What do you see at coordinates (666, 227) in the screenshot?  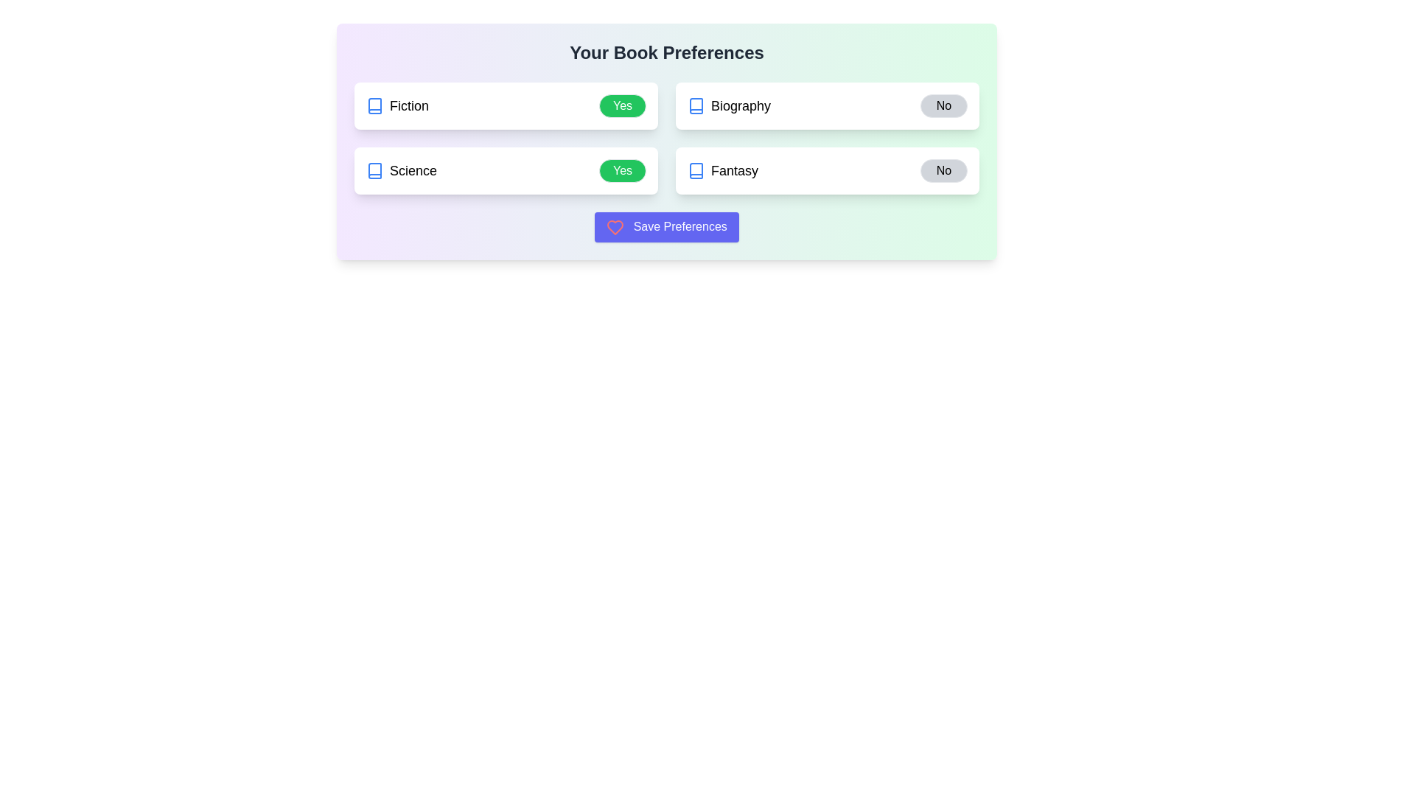 I see `the Save Preferences to observe feedback` at bounding box center [666, 227].